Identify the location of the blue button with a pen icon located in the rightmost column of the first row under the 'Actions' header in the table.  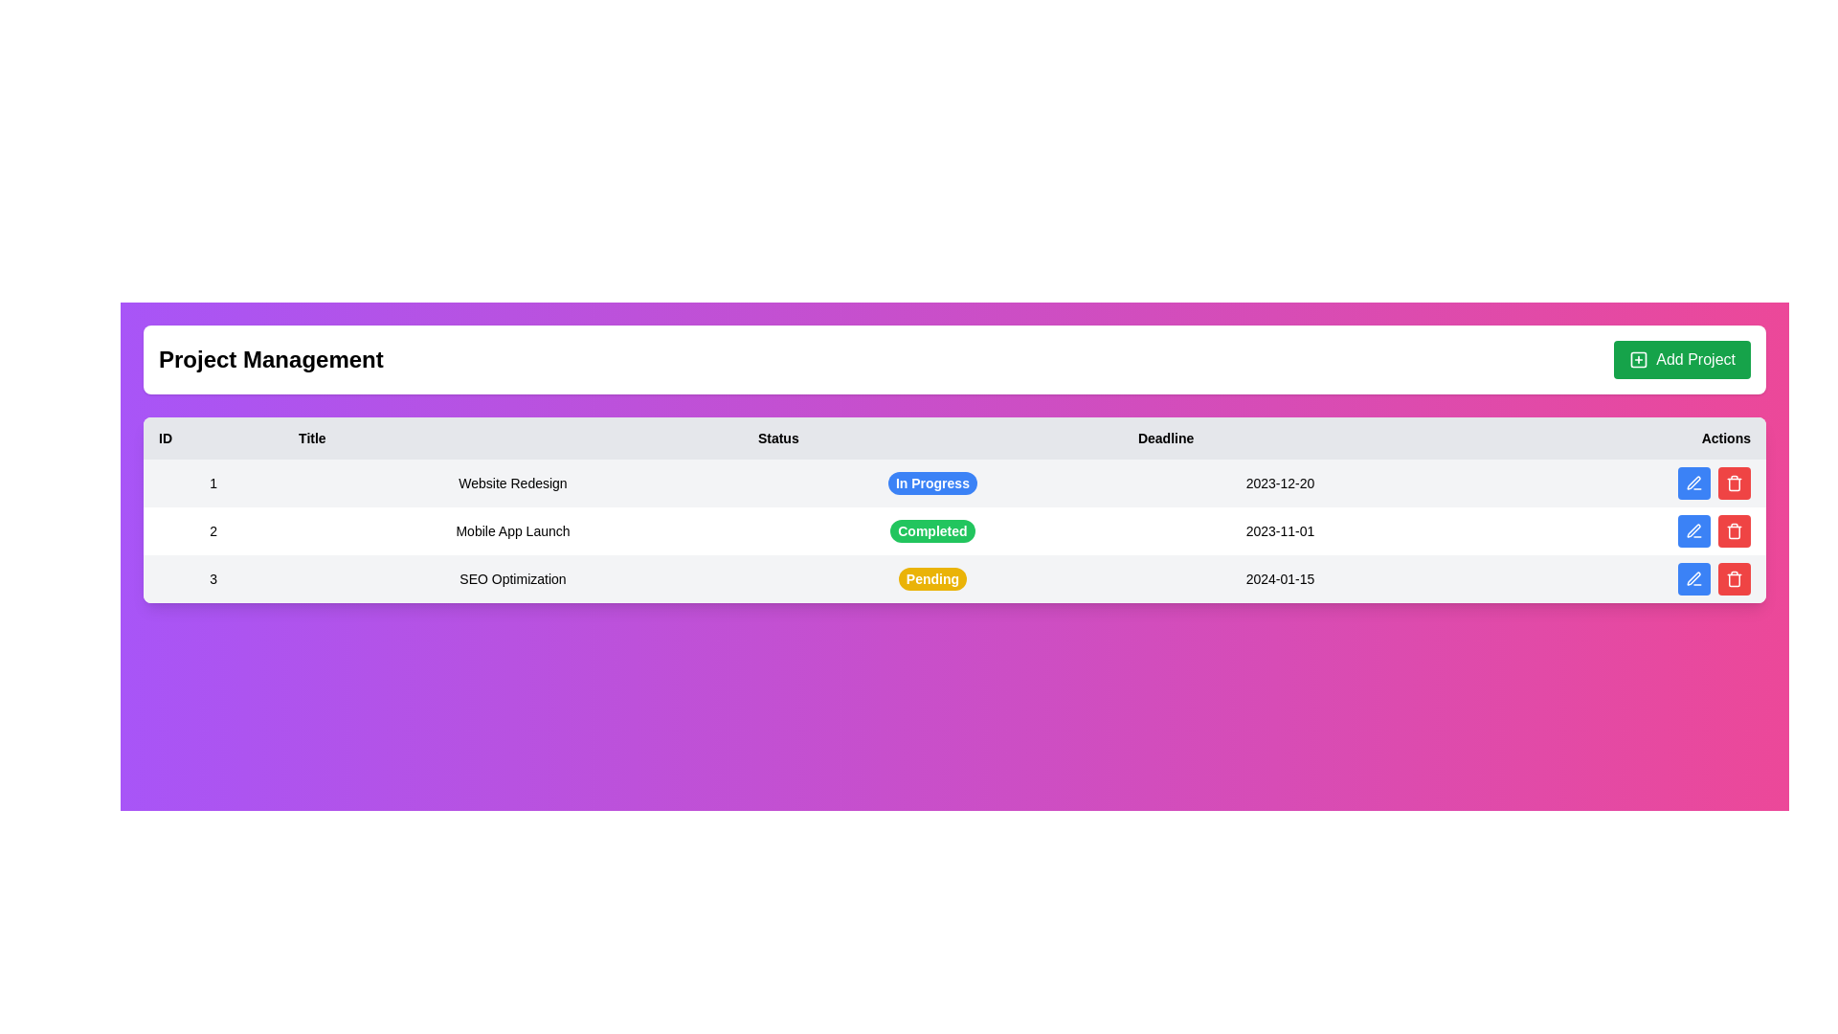
(1694, 483).